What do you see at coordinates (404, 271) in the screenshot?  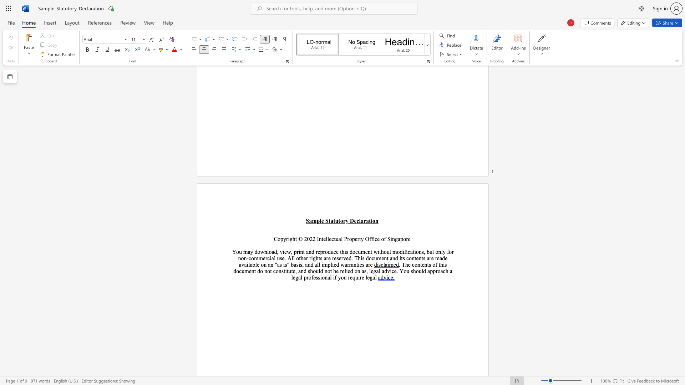 I see `the subset text "ou should approach a legal profes" within the text ", and should not be relied on as, legal advice. You should approach a legal professional if you"` at bounding box center [404, 271].